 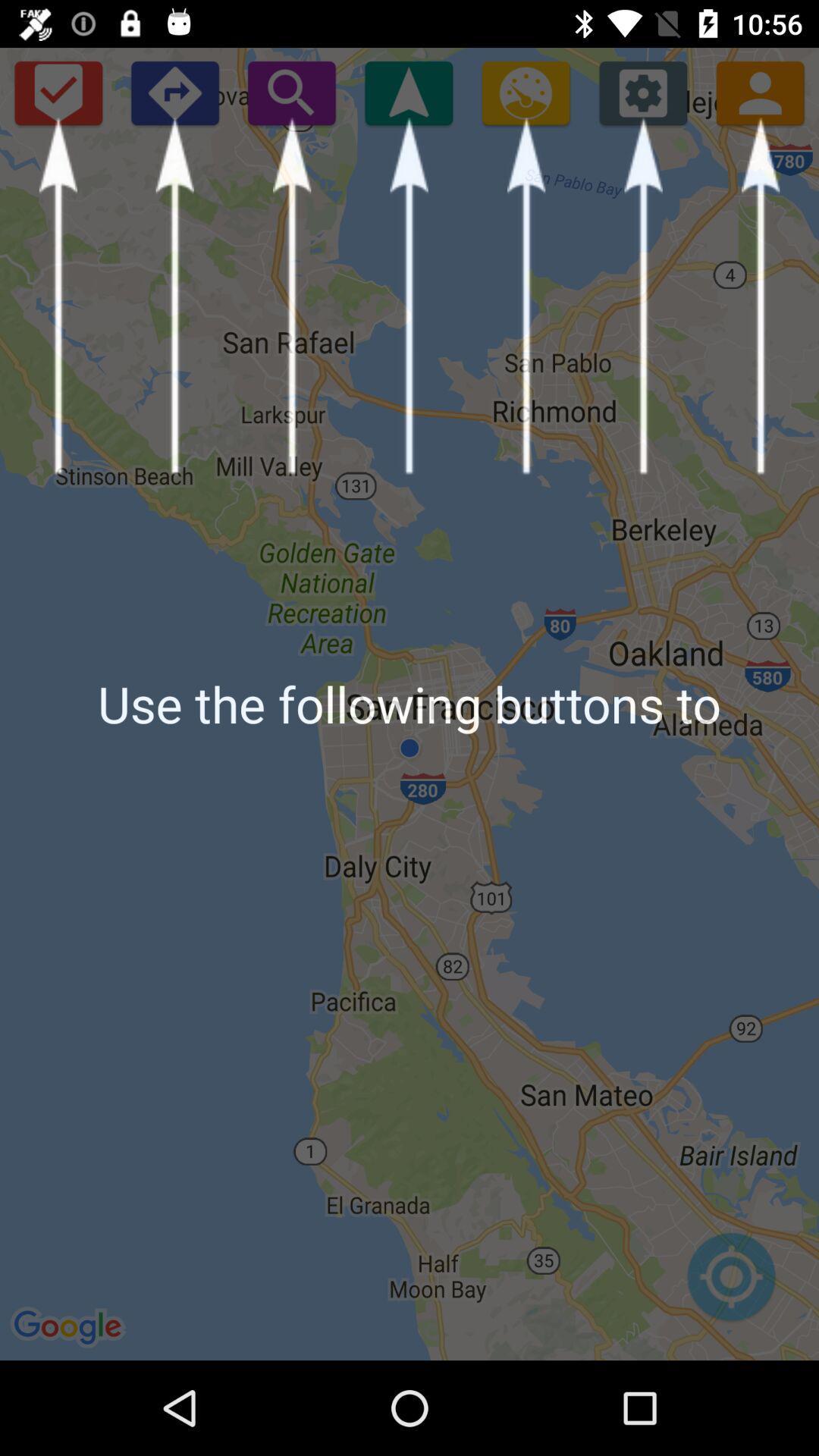 I want to click on current location, so click(x=408, y=92).